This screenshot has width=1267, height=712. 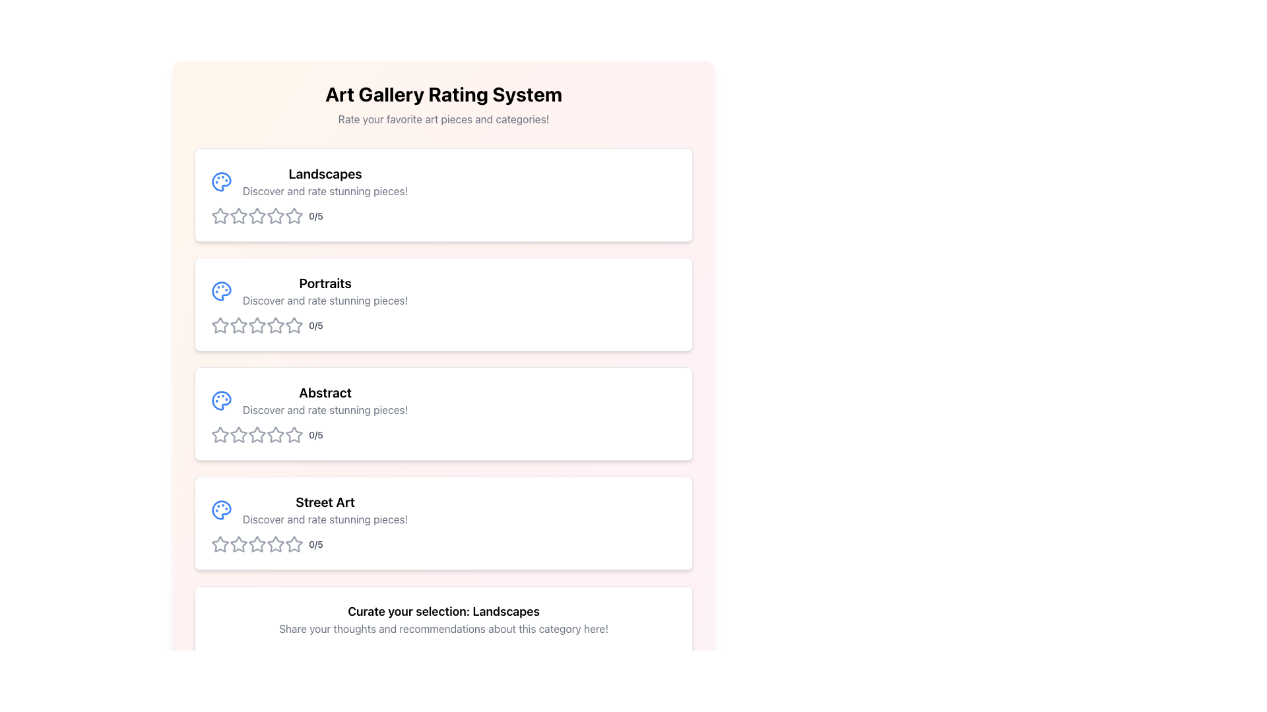 What do you see at coordinates (293, 544) in the screenshot?
I see `the fourth star in the five-star rating system for the 'Street Art' category` at bounding box center [293, 544].